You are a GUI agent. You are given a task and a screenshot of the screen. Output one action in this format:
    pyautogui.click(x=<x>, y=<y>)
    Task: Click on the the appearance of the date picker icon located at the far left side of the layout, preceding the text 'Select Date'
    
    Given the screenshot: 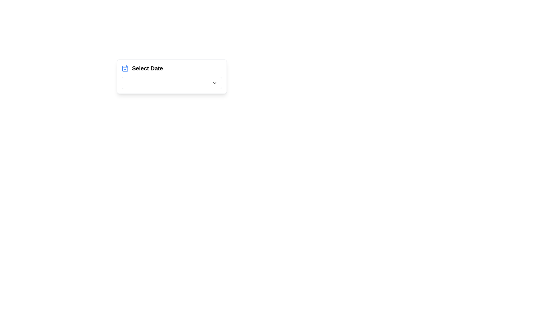 What is the action you would take?
    pyautogui.click(x=125, y=68)
    